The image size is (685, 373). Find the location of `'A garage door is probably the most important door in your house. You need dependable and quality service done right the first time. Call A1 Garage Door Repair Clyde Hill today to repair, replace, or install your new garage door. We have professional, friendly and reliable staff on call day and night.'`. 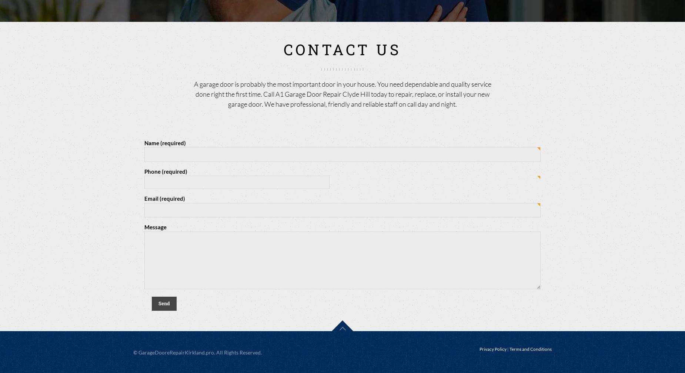

'A garage door is probably the most important door in your house. You need dependable and quality service done right the first time. Call A1 Garage Door Repair Clyde Hill today to repair, replace, or install your new garage door. We have professional, friendly and reliable staff on call day and night.' is located at coordinates (342, 93).